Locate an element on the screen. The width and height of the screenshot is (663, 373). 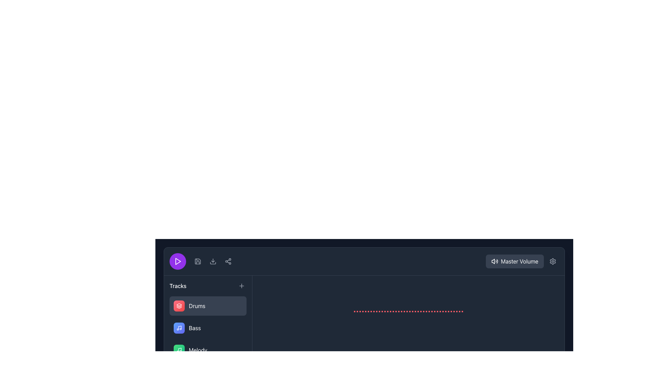
the share icon button, which features three interlinked circles with connecting lines and is located in the top navigation bar to the right of the main play button is located at coordinates (228, 261).